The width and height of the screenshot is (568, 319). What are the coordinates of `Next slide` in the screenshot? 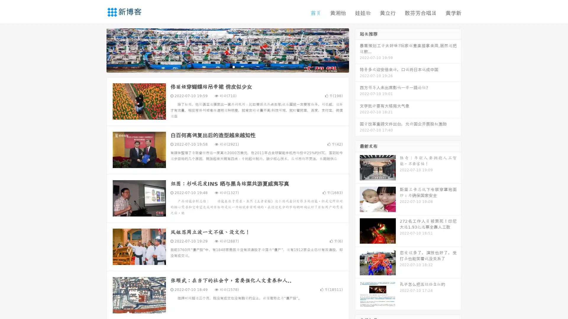 It's located at (357, 50).